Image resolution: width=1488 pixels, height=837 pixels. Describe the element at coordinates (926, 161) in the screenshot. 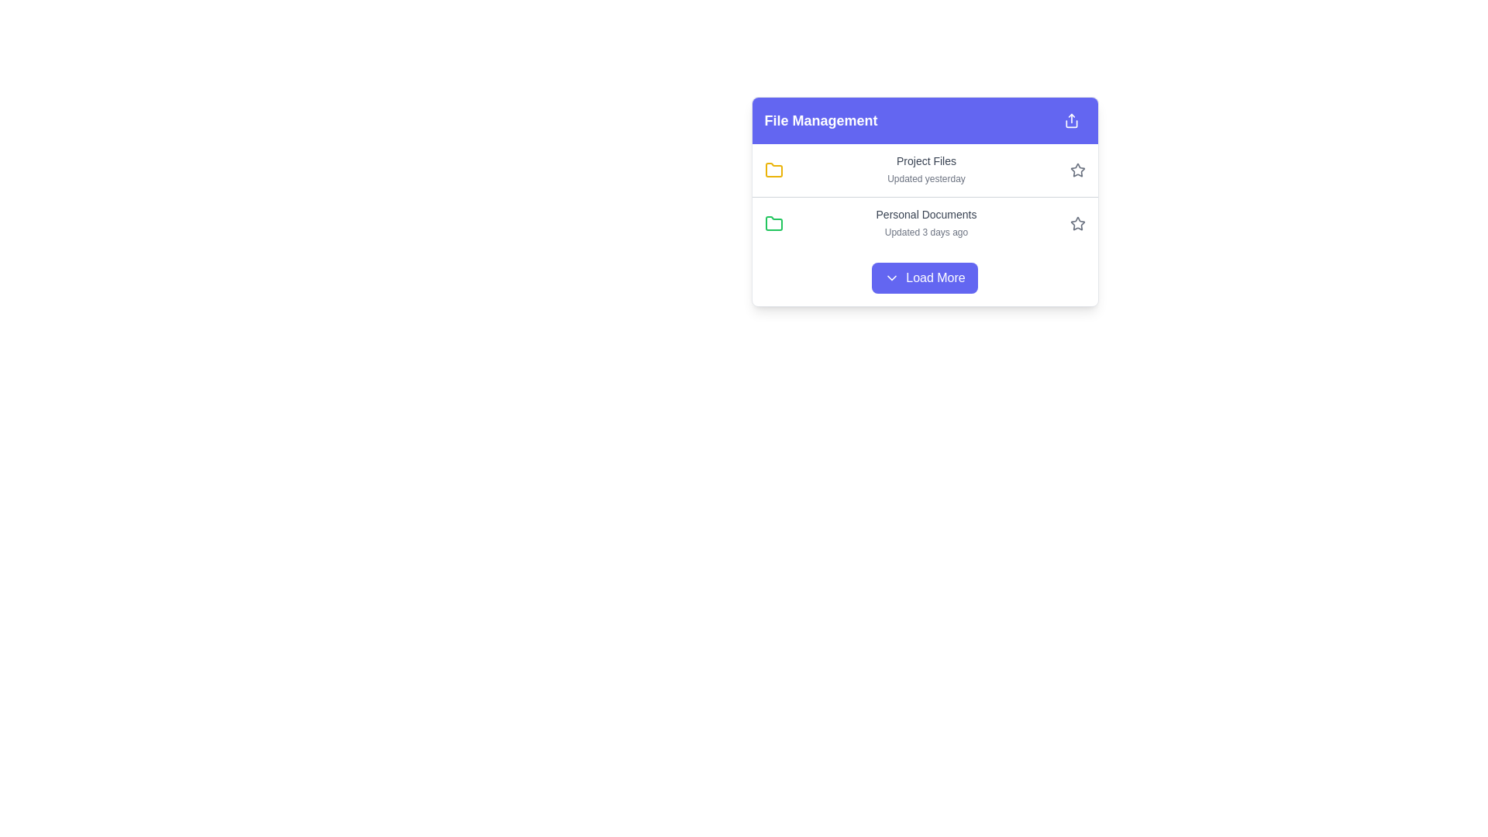

I see `the 'Project Files' text label` at that location.